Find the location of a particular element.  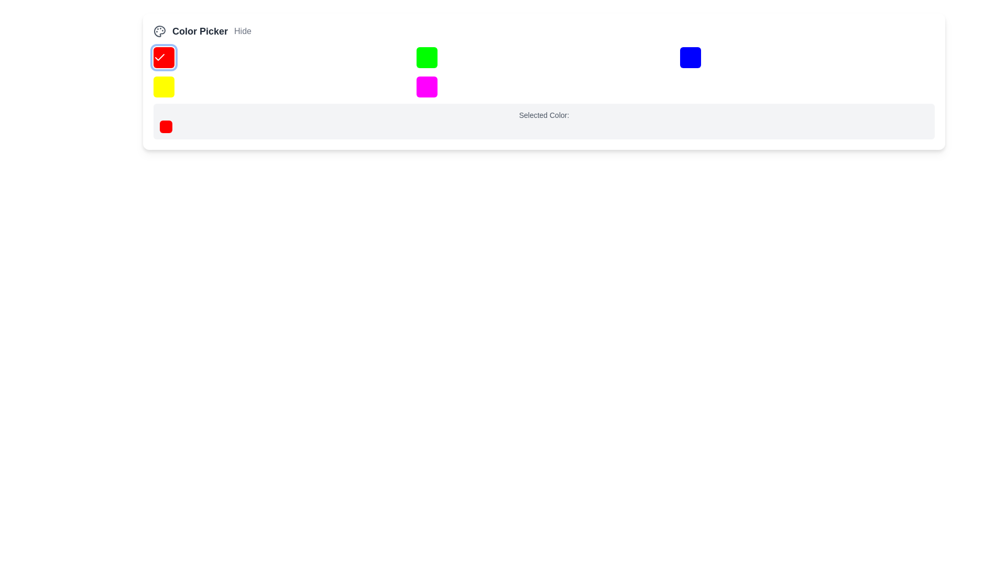

the 'Color Picker' Text Label element, which is a prominent label in dark-gray font, located between a palette icon and a 'Hide' button is located at coordinates (200, 31).